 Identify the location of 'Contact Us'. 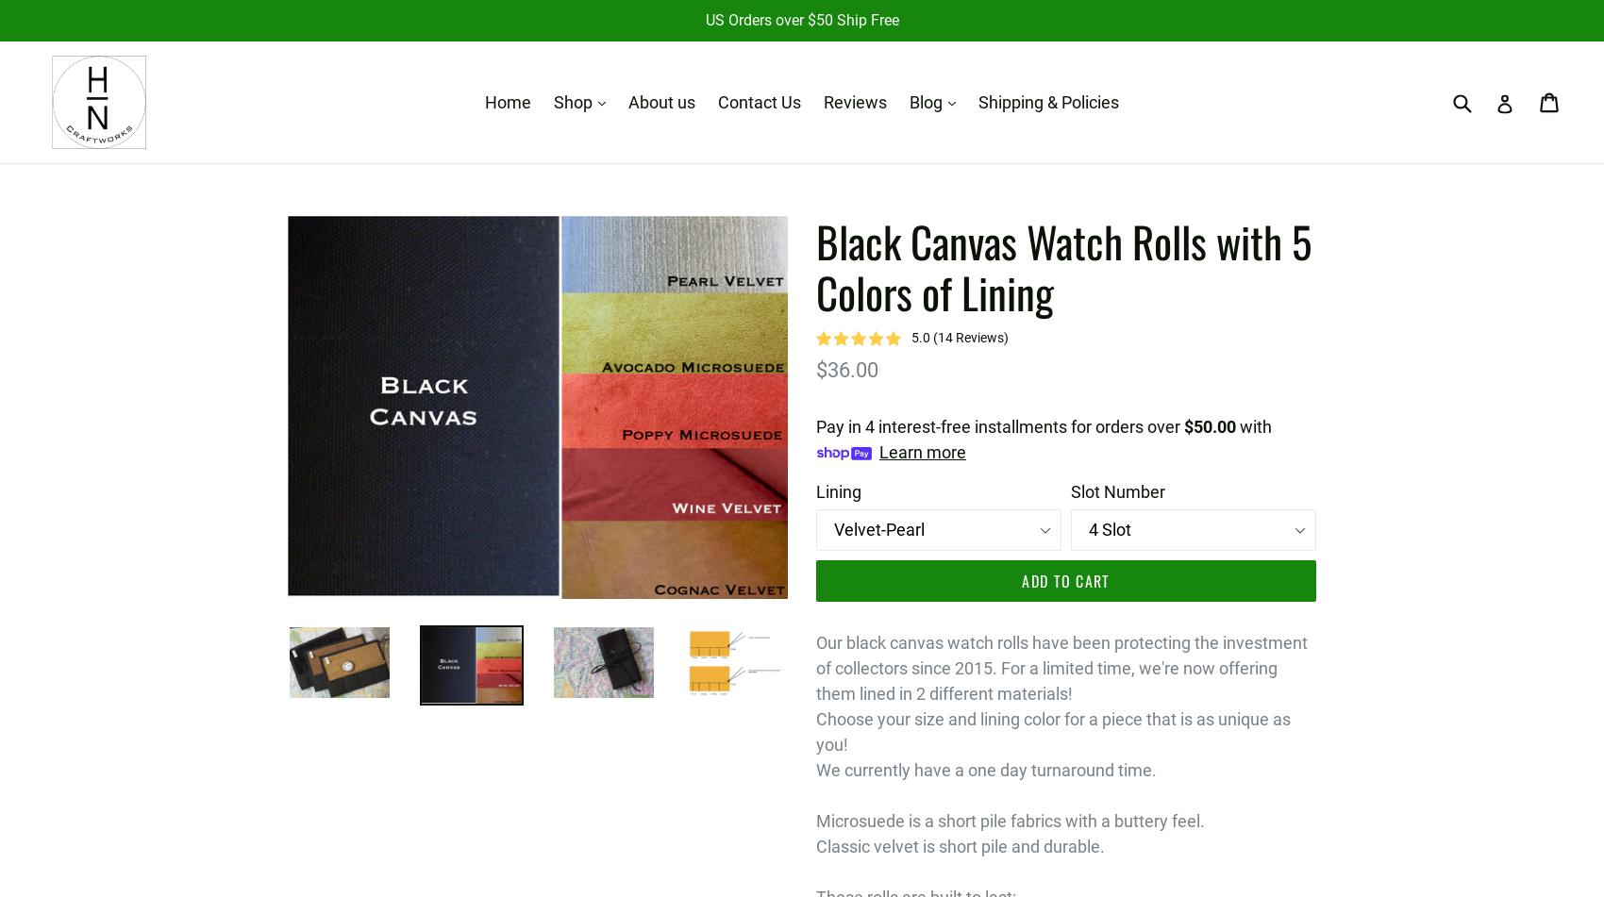
(758, 102).